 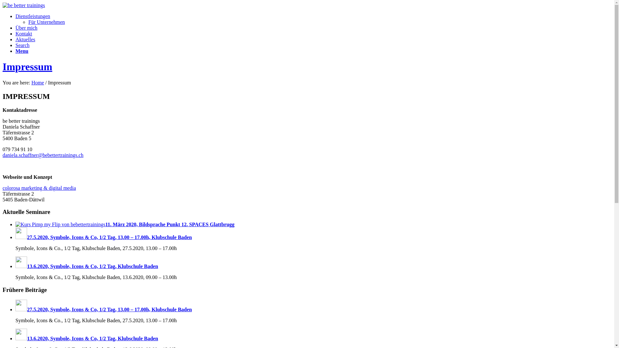 I want to click on '13.6.2020, Symbole, Icons & Co, 1/2 Tag, Klubschule Baden', so click(x=86, y=338).